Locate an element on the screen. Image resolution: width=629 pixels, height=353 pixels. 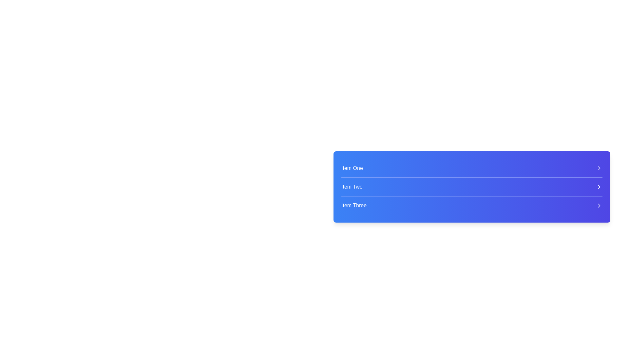
the right-facing chevron icon next to the 'Item Two' label is located at coordinates (599, 187).